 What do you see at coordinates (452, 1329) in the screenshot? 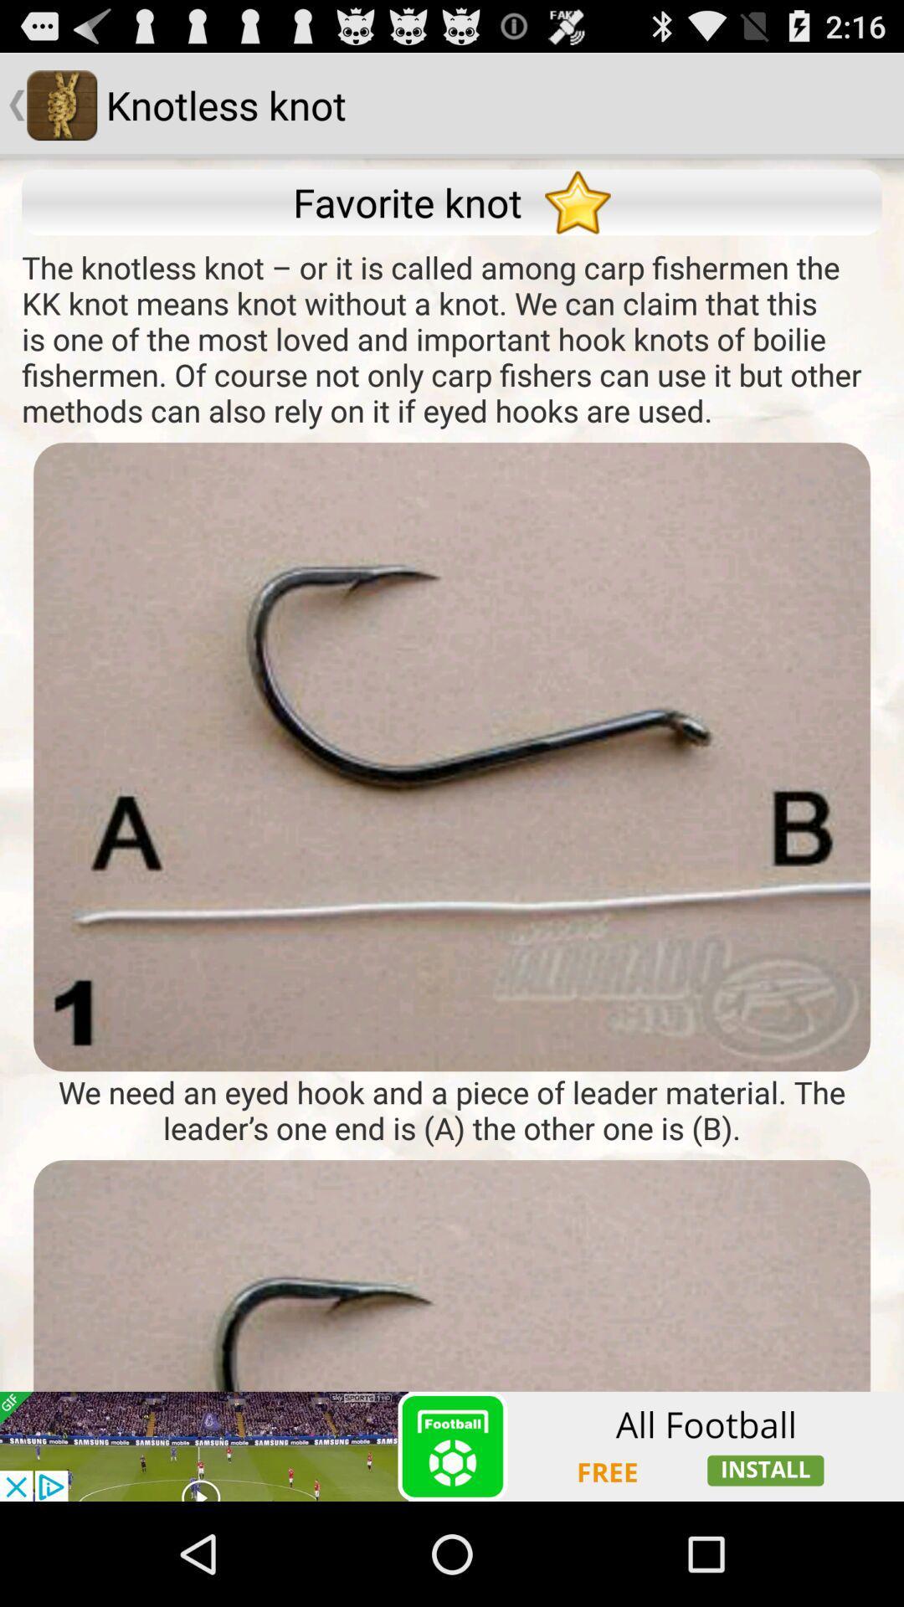
I see `advertisement page` at bounding box center [452, 1329].